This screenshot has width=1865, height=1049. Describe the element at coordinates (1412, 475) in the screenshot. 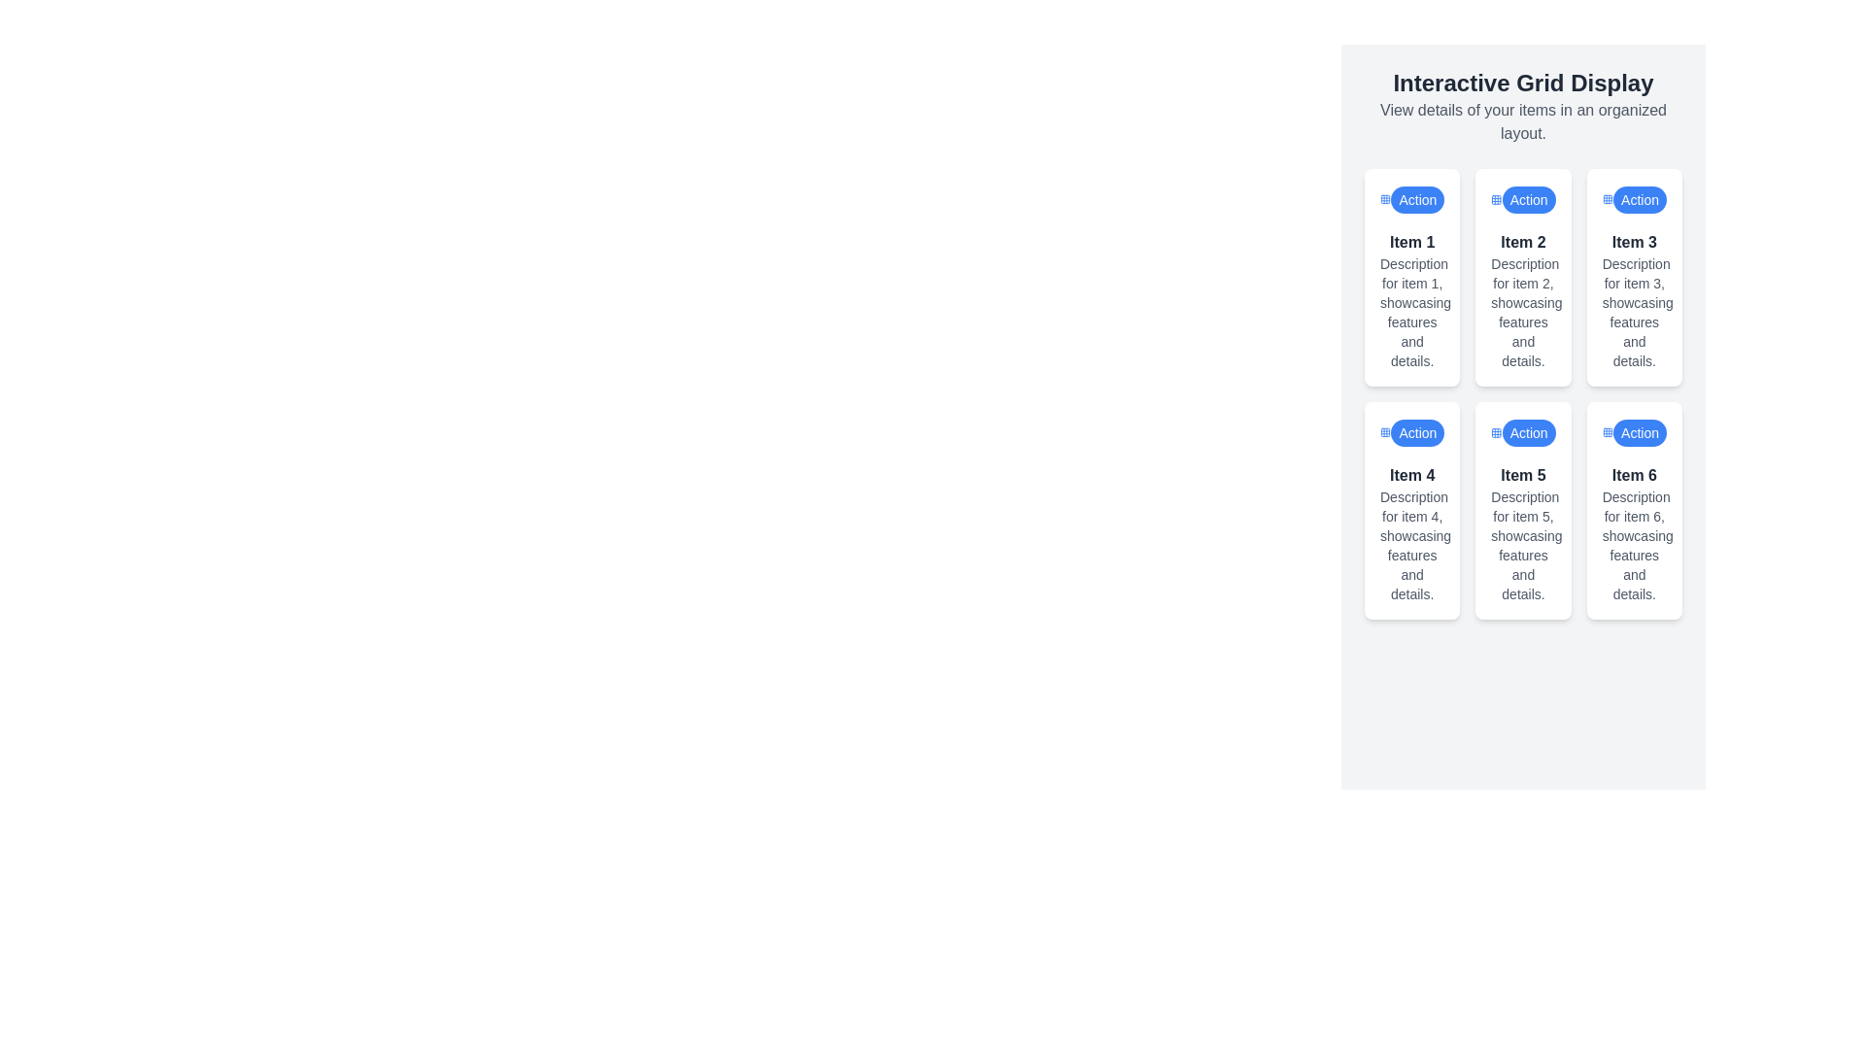

I see `the static text label displaying 'Item 4', which is styled in bold and dark-gray font and positioned in the second row, first column of a grid layout` at that location.